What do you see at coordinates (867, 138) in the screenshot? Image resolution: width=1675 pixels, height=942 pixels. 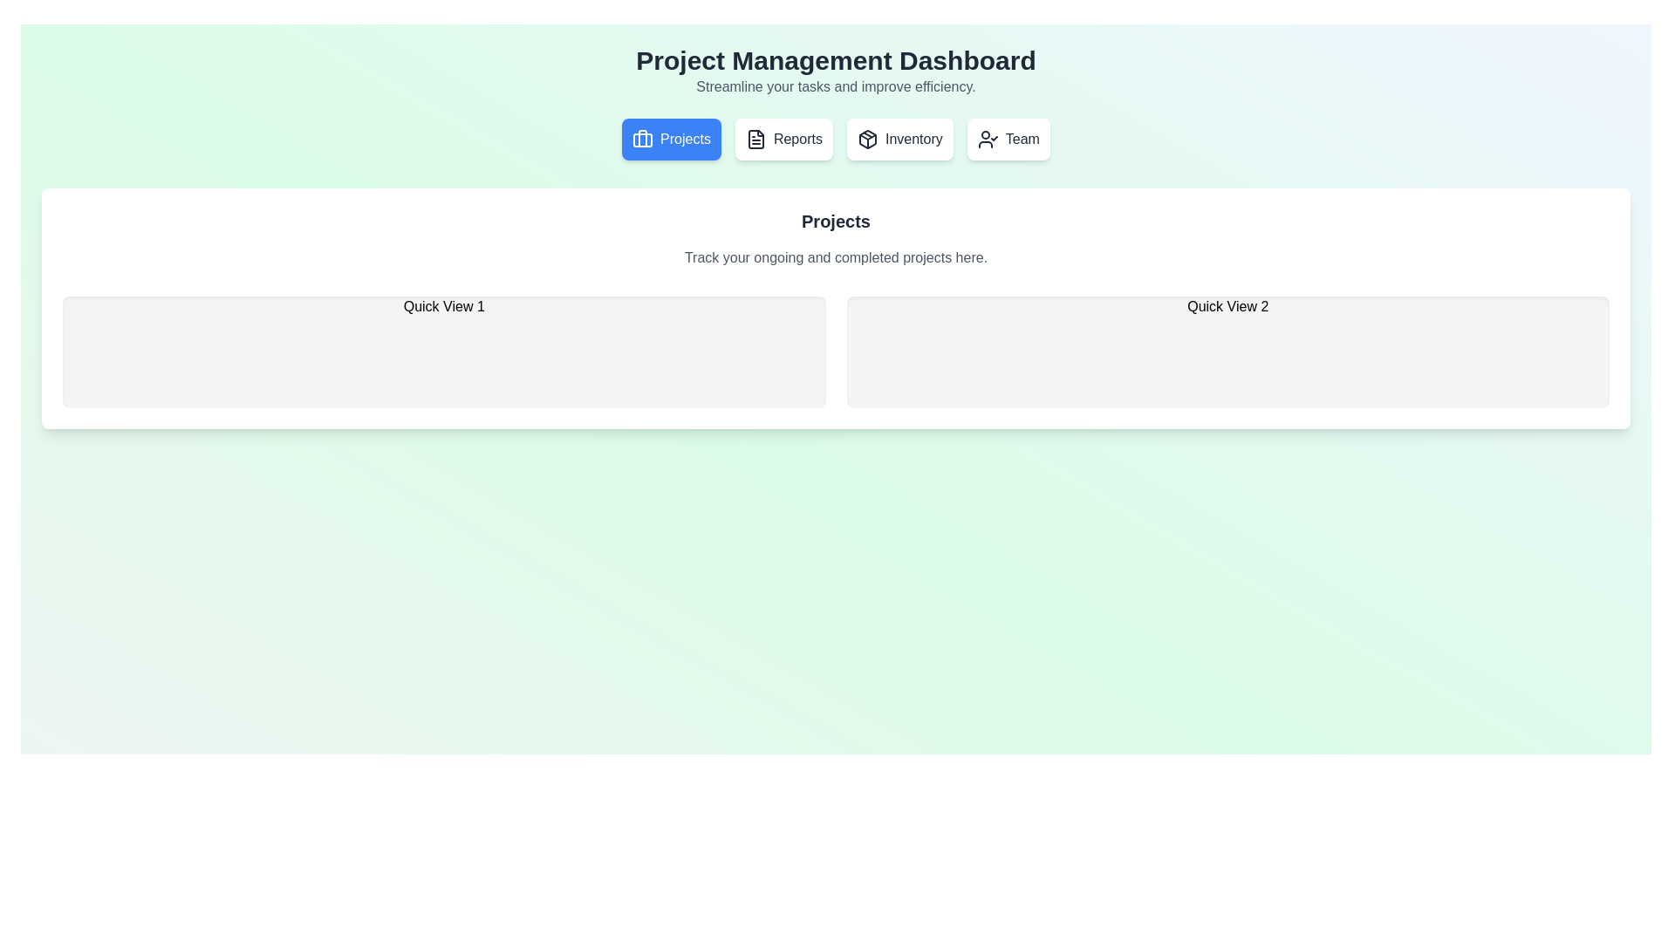 I see `the package icon within the 'Inventory' button, which is the third button in a horizontal array located beneath the header of the dashboard interface` at bounding box center [867, 138].